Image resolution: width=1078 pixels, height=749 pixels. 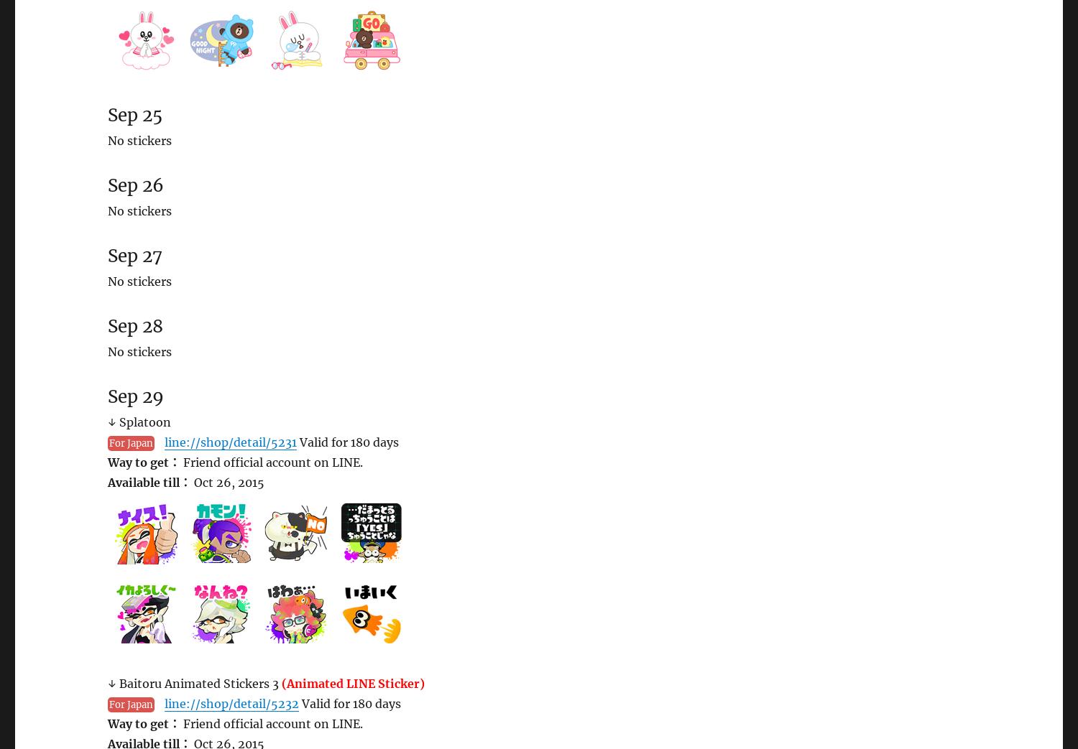 I want to click on 'Sep 27', so click(x=108, y=255).